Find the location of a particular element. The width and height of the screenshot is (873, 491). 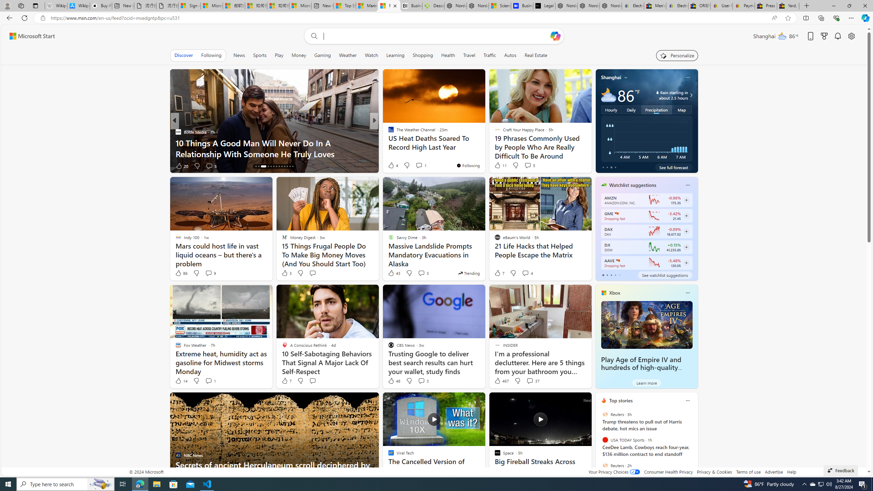

'516 Like' is located at coordinates (393, 166).